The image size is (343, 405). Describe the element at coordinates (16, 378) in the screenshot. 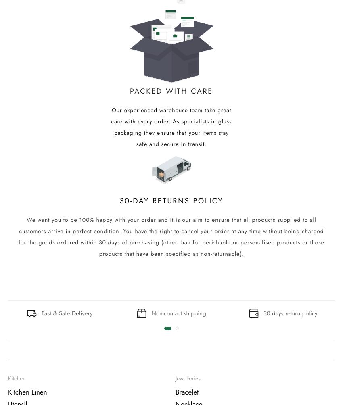

I see `'Kitchen'` at that location.